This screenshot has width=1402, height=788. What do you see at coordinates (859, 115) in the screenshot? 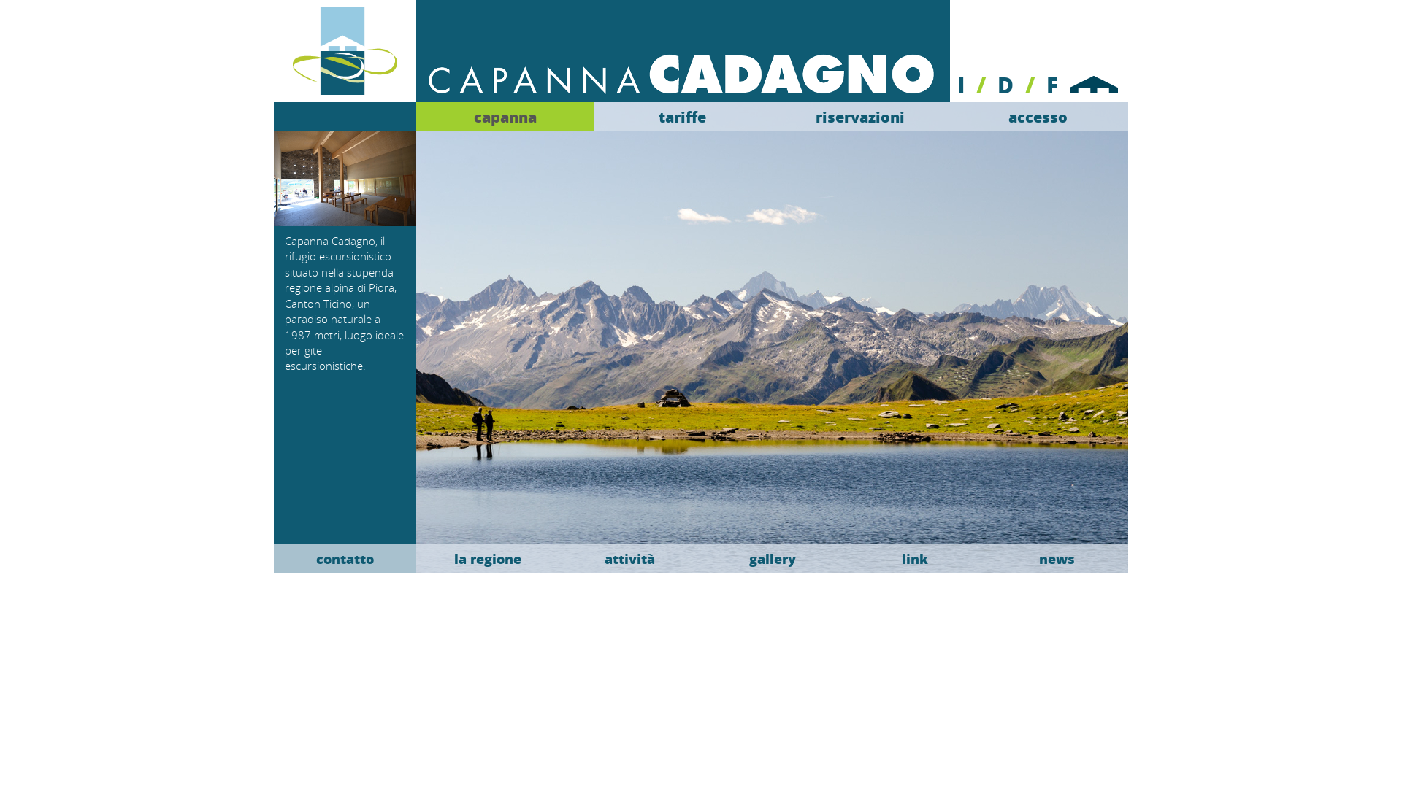
I see `'riservazioni'` at bounding box center [859, 115].